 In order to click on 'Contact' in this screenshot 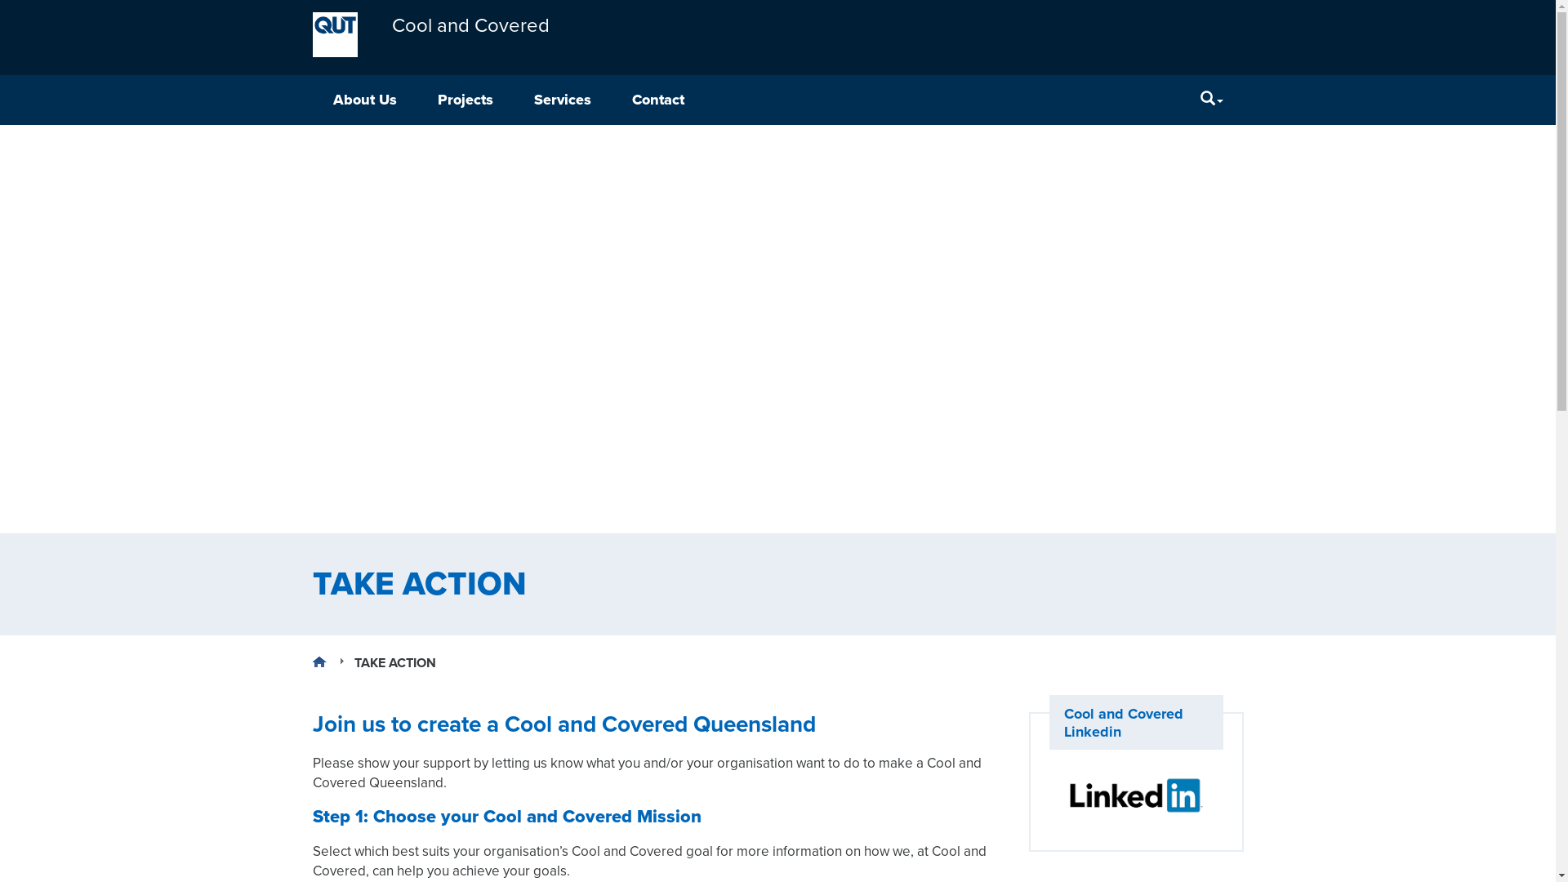, I will do `click(657, 100)`.